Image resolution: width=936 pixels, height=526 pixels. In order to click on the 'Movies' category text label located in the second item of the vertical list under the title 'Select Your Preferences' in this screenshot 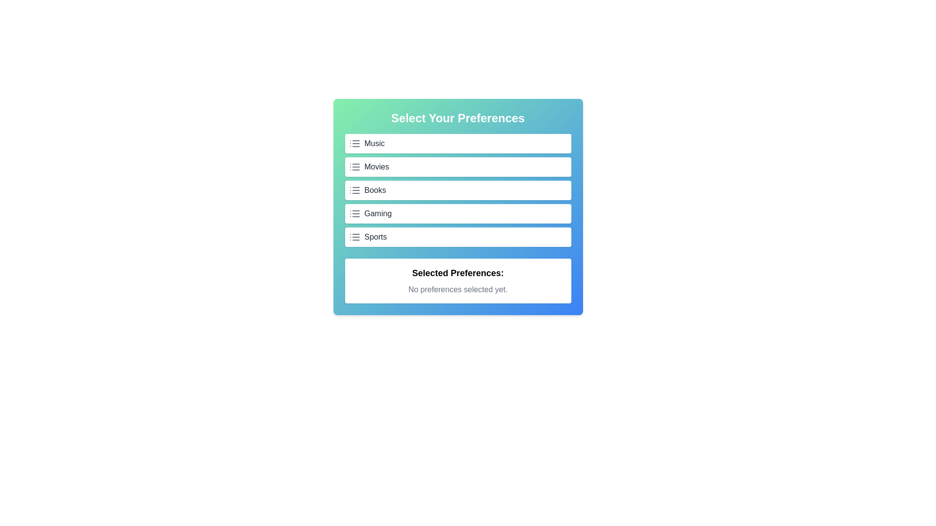, I will do `click(376, 167)`.